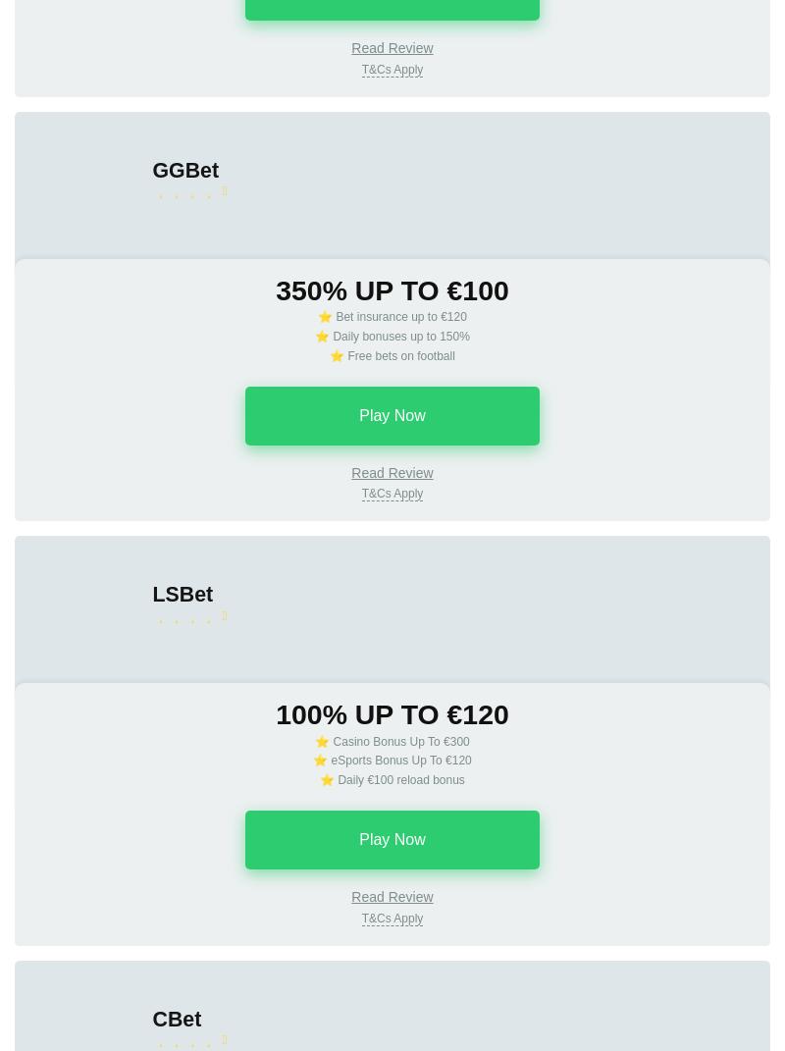 The width and height of the screenshot is (785, 1051). I want to click on '100% UP TO €120', so click(391, 713).